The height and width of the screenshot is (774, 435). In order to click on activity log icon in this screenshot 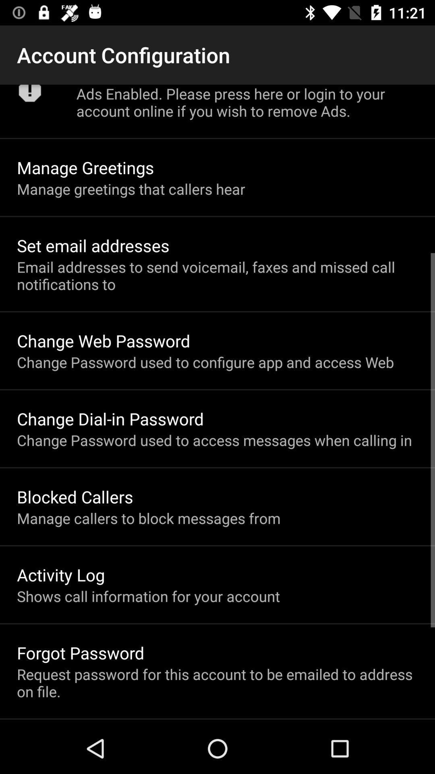, I will do `click(60, 574)`.